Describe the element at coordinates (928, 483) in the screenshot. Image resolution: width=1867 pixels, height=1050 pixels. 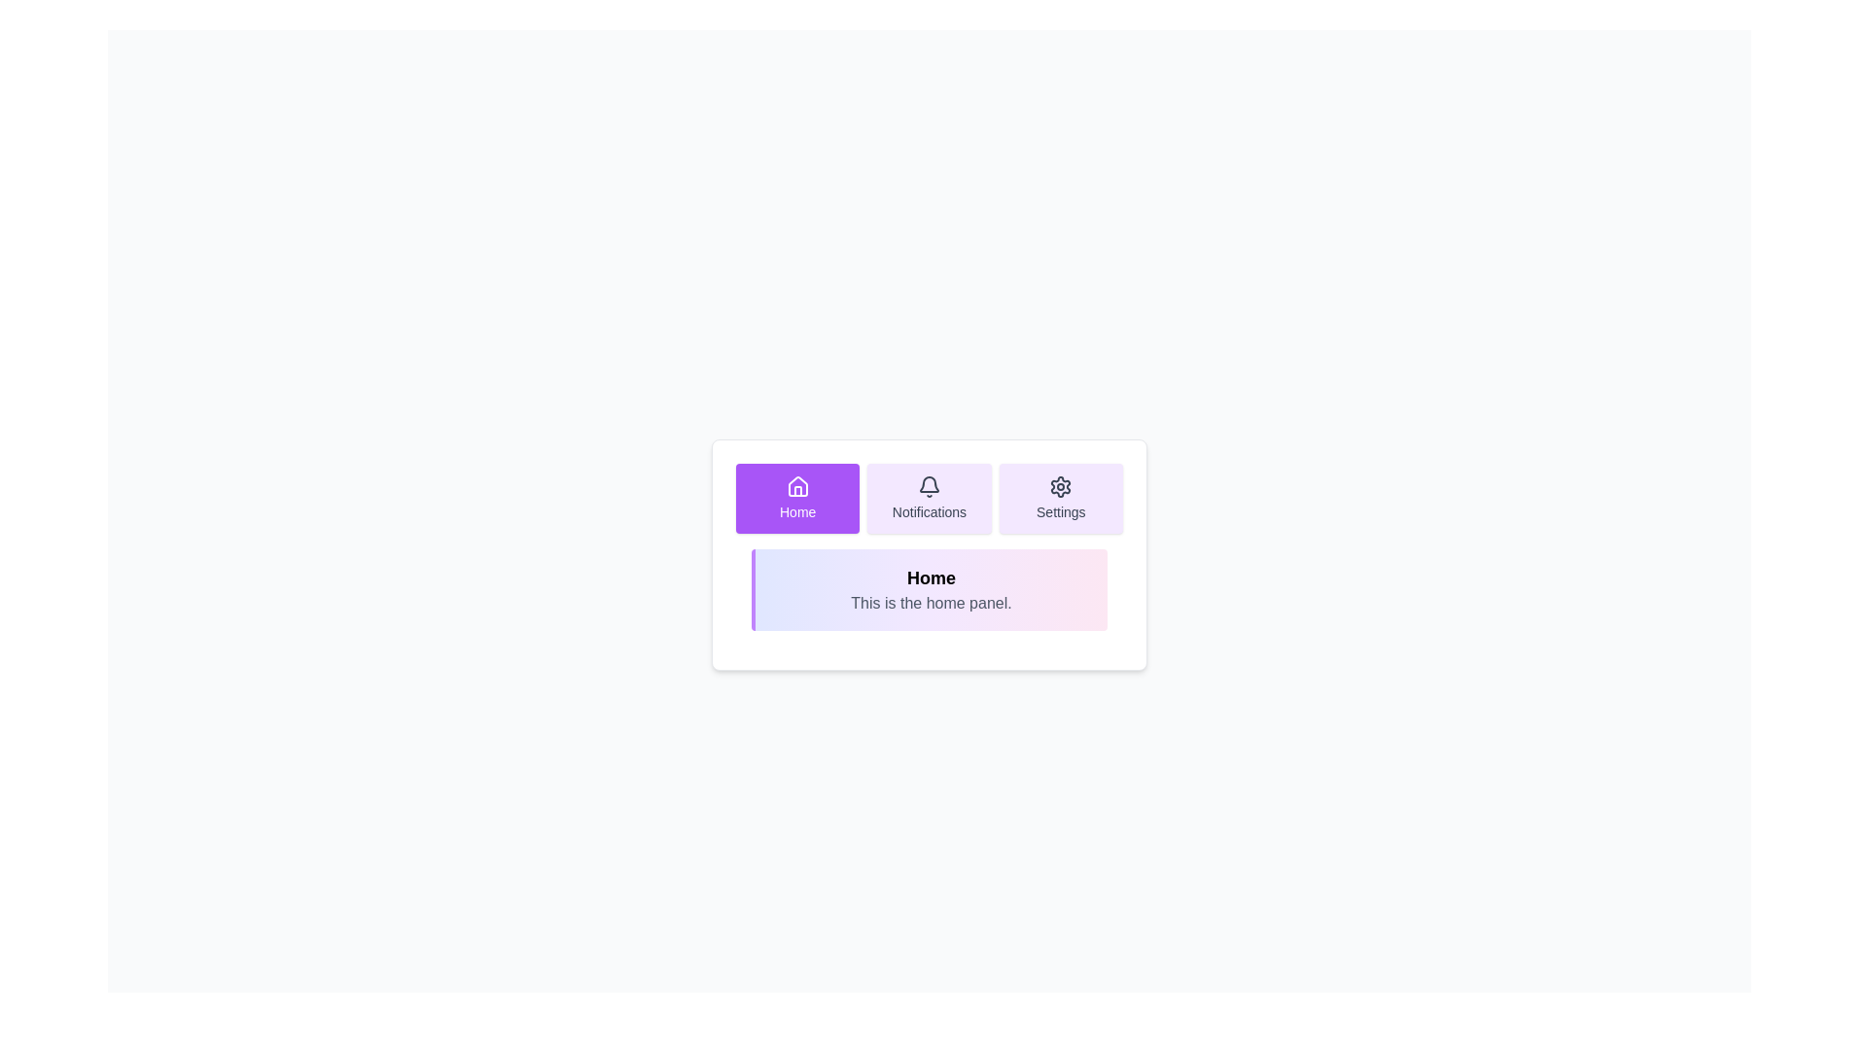
I see `the bell icon representing the 'Notifications' feature, which is the second button in the upper center layout of the interface` at that location.